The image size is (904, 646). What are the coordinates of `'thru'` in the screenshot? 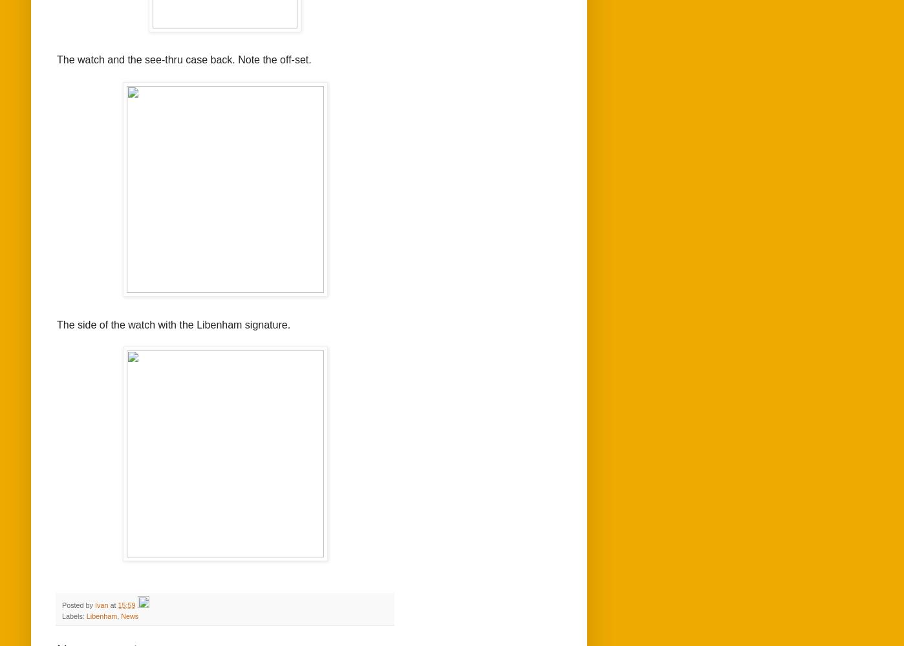 It's located at (173, 59).